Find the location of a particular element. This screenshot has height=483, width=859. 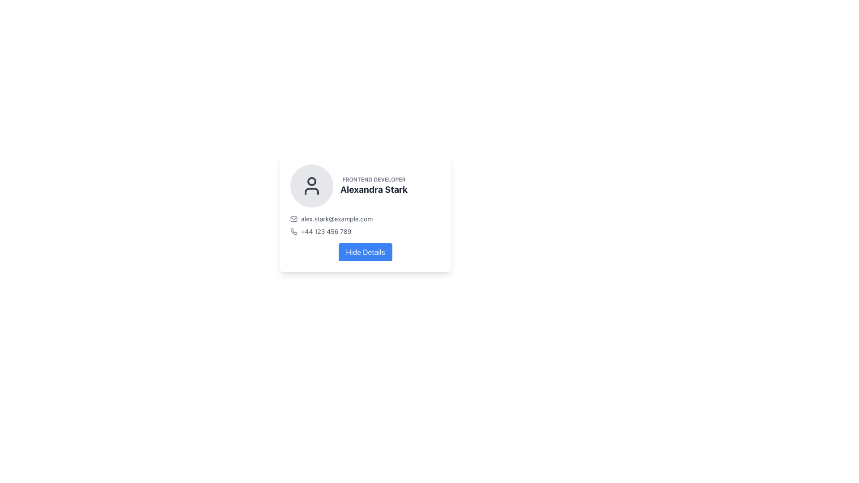

the phone receiver icon displayed in gray color, which is located directly to the left of the phone number '+44 123 456 789' is located at coordinates (294, 231).